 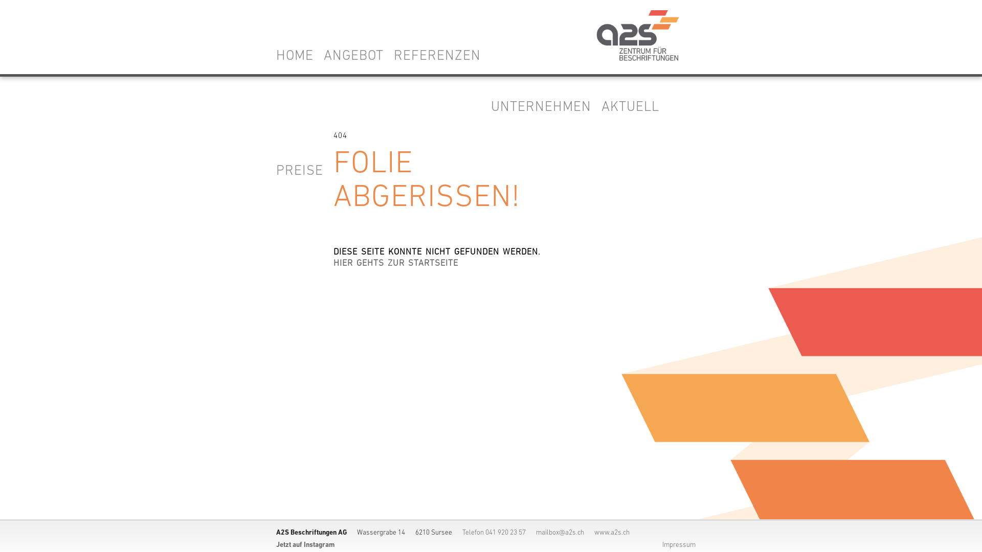 What do you see at coordinates (679, 544) in the screenshot?
I see `'Impressum'` at bounding box center [679, 544].